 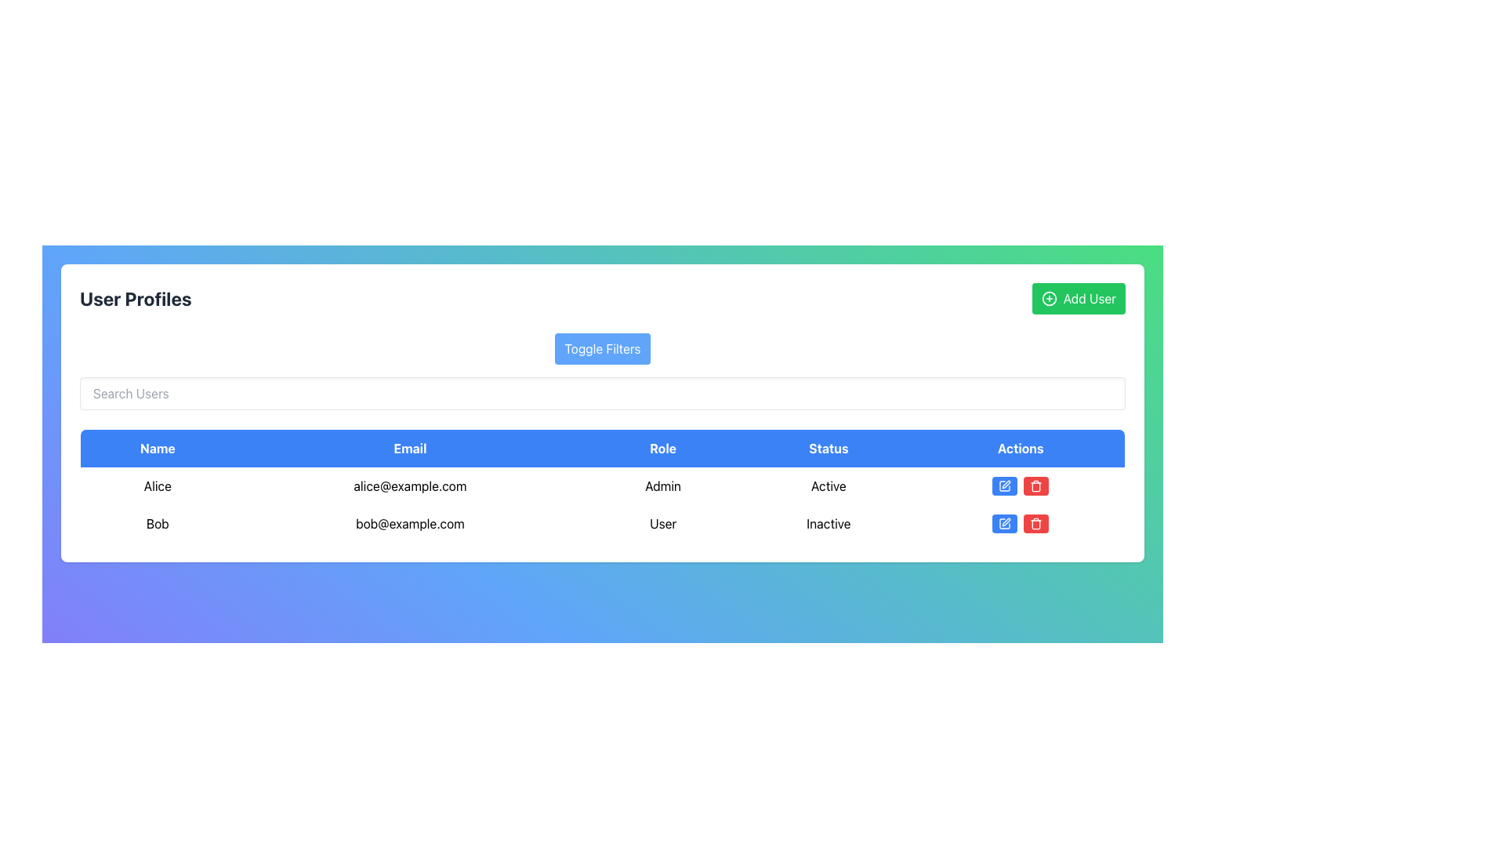 What do you see at coordinates (1006, 522) in the screenshot?
I see `the edit action icon, which is a small pen-shaped icon located in the 'Actions' column of the user profile table, corresponding to the first entry for Alice` at bounding box center [1006, 522].